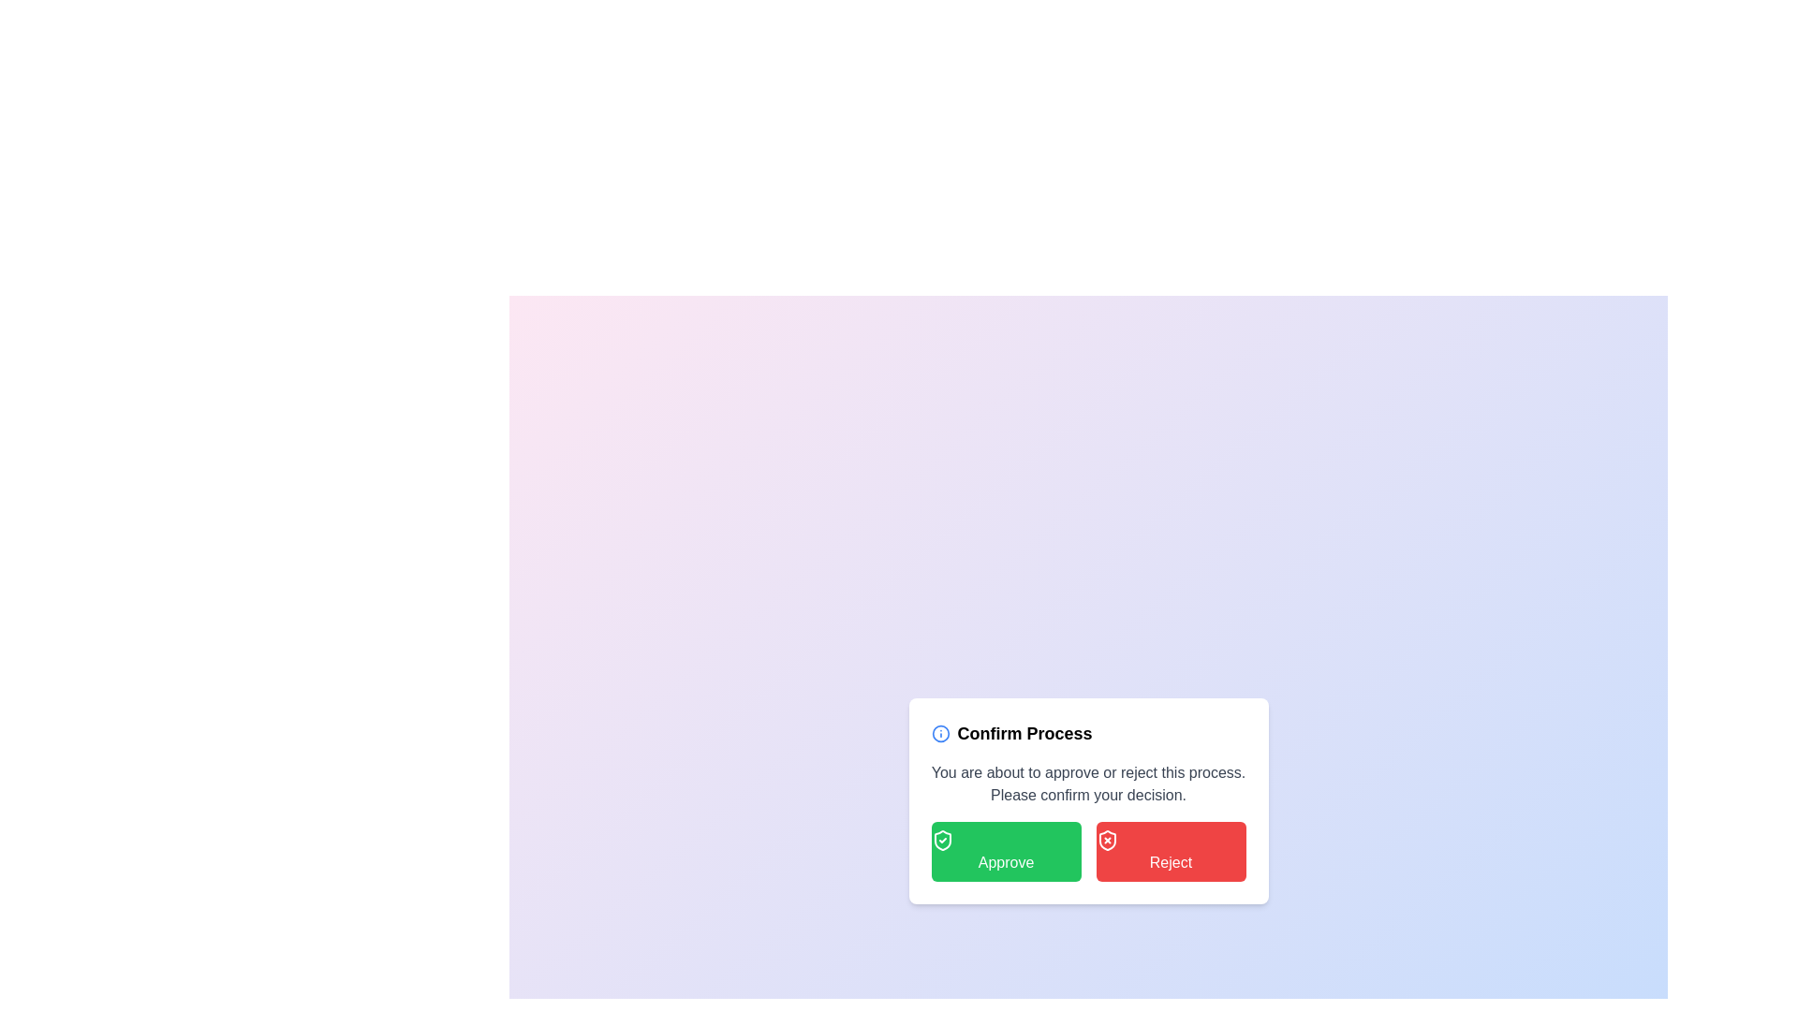  What do you see at coordinates (1107, 840) in the screenshot?
I see `the shield icon with an 'X' in the center, which is located to the left of the 'Reject' button in the confirmation dialog box` at bounding box center [1107, 840].